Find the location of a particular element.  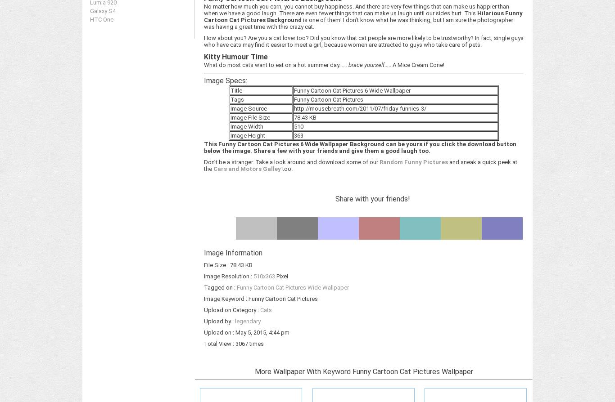

'Upload by :' is located at coordinates (219, 321).